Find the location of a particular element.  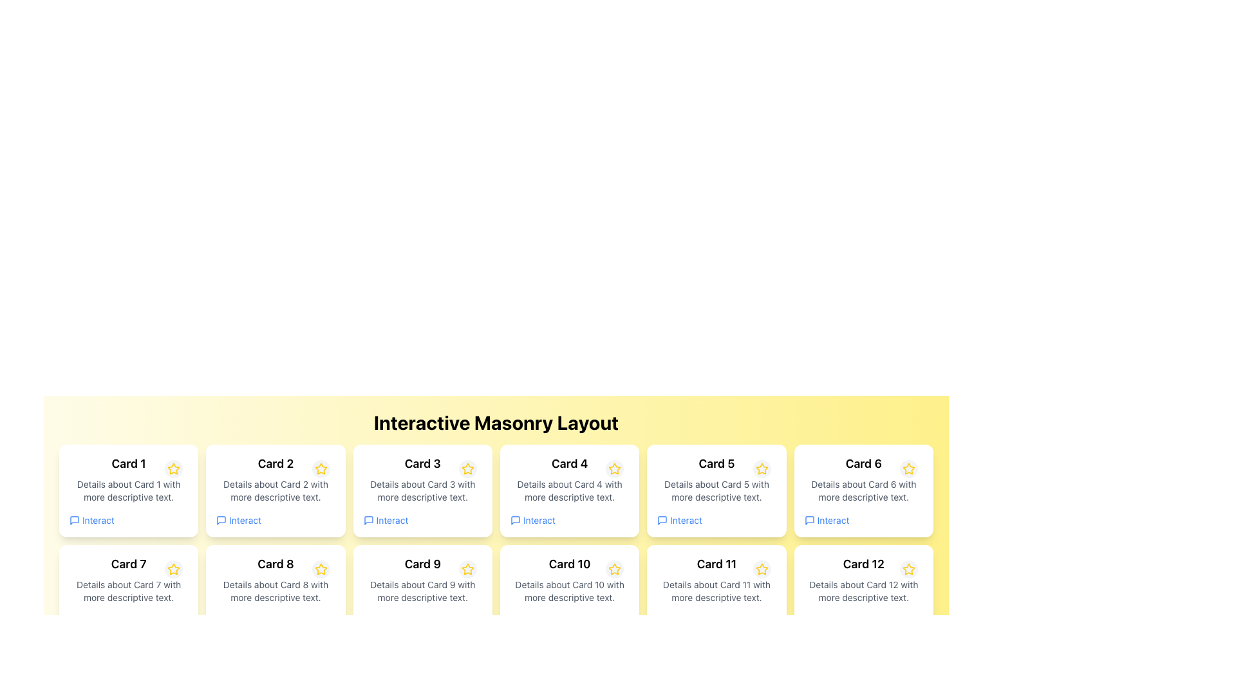

the star-shaped icon with a yellow outline located in the top-right corner of 'Card 6' is located at coordinates (908, 469).